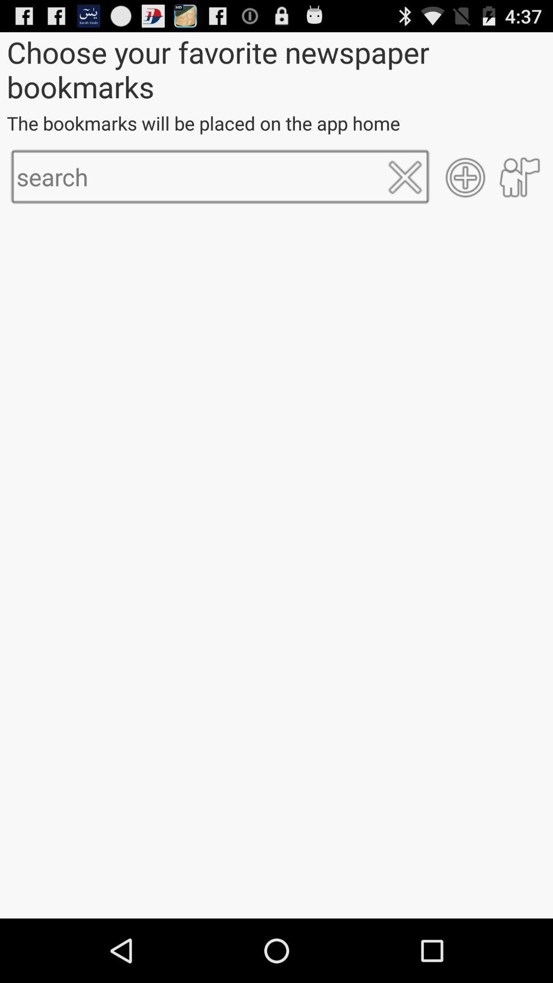 This screenshot has width=553, height=983. Describe the element at coordinates (519, 177) in the screenshot. I see `item below the the bookmarks will` at that location.